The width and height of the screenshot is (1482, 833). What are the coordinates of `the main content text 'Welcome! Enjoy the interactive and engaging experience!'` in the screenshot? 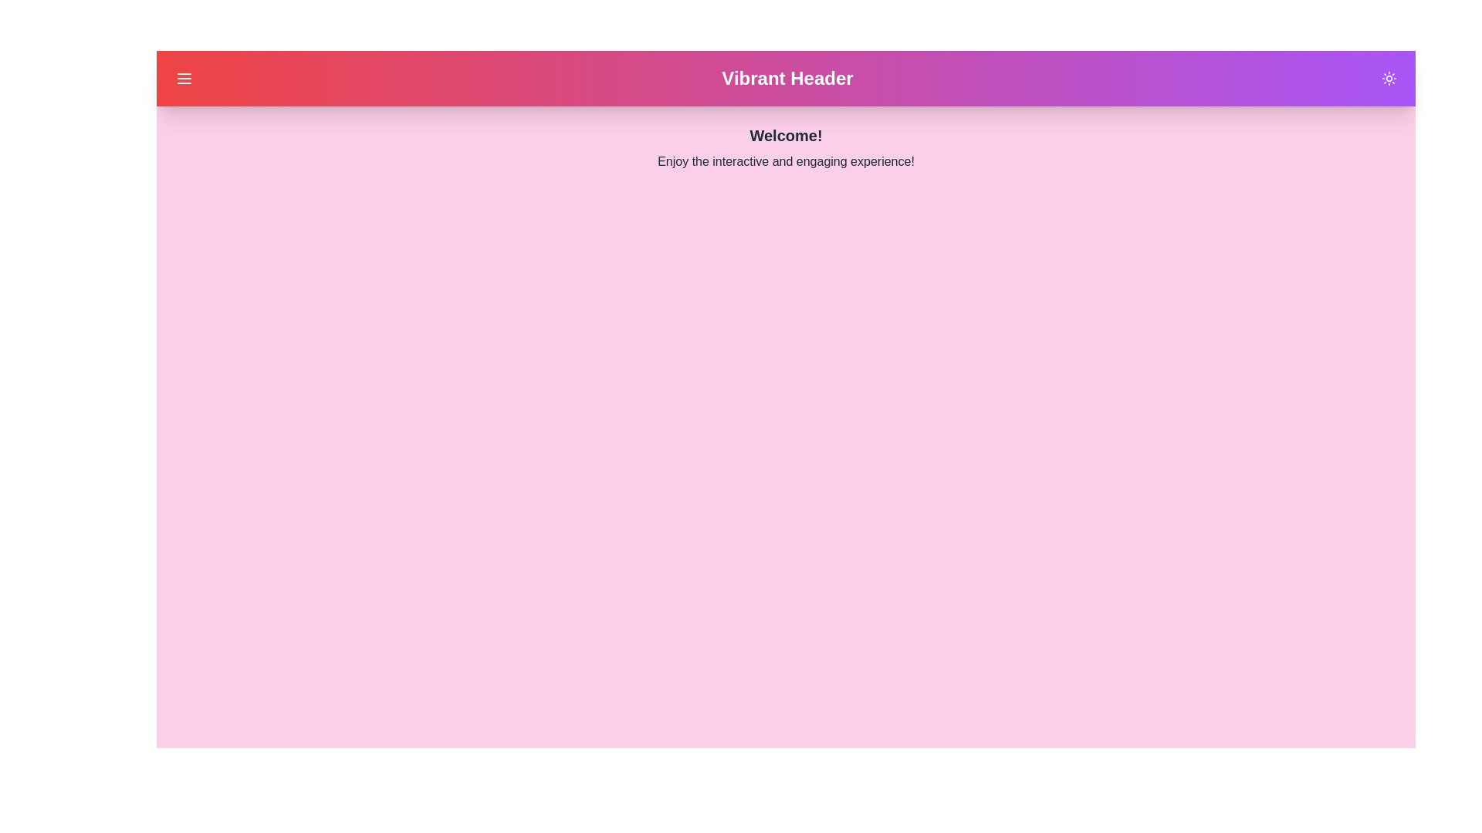 It's located at (786, 148).